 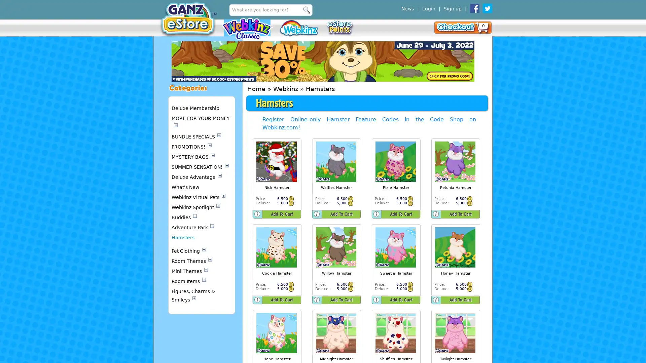 What do you see at coordinates (401, 214) in the screenshot?
I see `Add To Cart` at bounding box center [401, 214].